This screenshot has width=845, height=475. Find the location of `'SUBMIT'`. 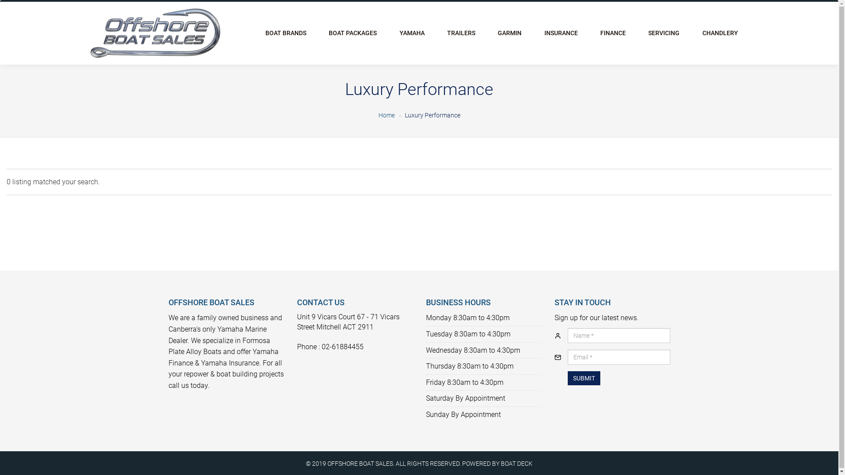

'SUBMIT' is located at coordinates (584, 378).